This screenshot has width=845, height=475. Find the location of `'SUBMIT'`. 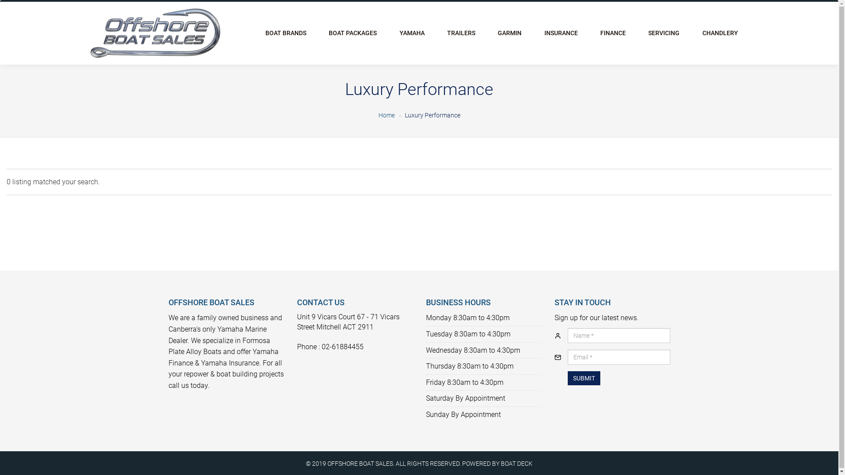

'SUBMIT' is located at coordinates (584, 378).